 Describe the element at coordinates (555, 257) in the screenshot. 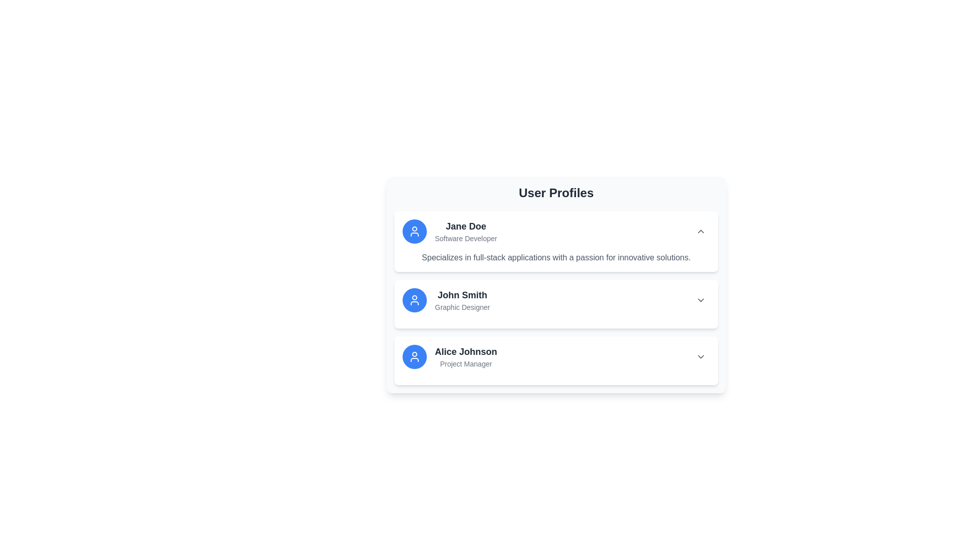

I see `the text element containing 'Specializes in full-stack applications with a passion for innovative solutions.' located at the bottom of Jane Doe's profile information section` at that location.